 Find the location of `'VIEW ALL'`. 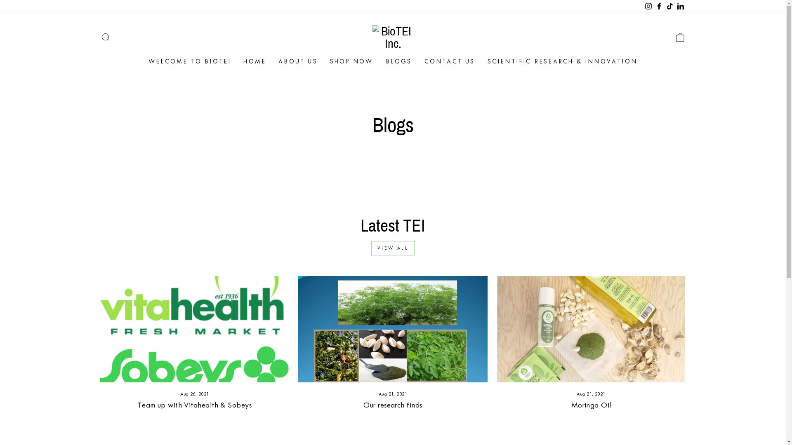

'VIEW ALL' is located at coordinates (393, 248).